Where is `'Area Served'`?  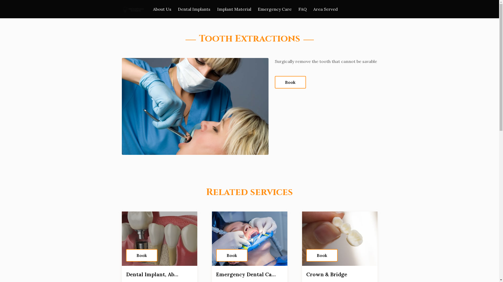
'Area Served' is located at coordinates (325, 9).